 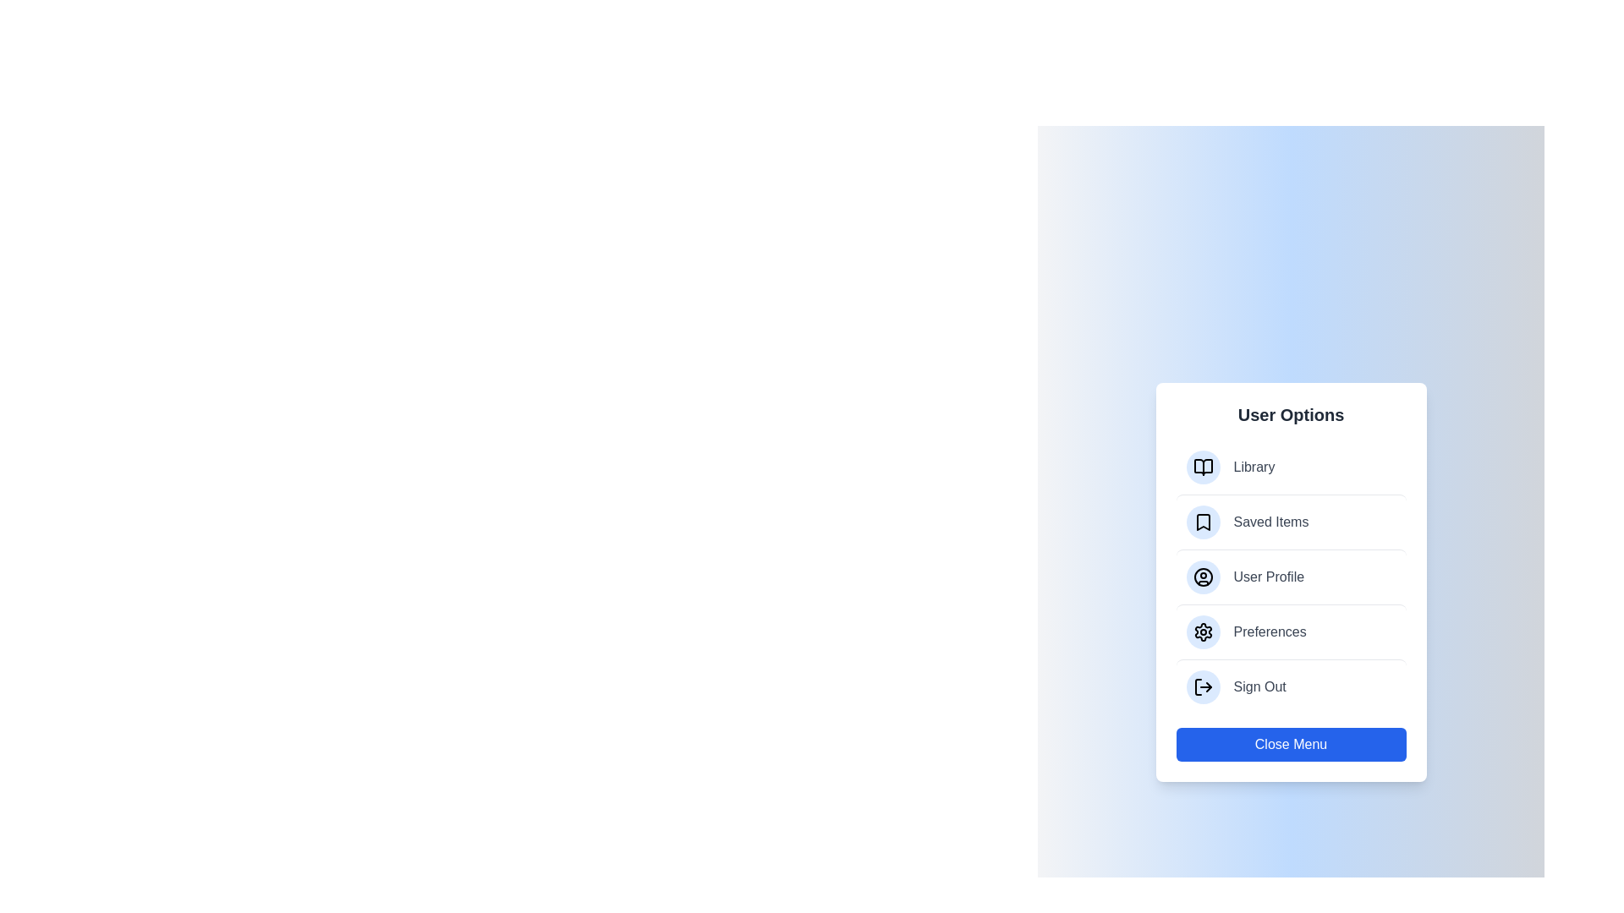 What do you see at coordinates (1290, 576) in the screenshot?
I see `the menu item labeled User Profile` at bounding box center [1290, 576].